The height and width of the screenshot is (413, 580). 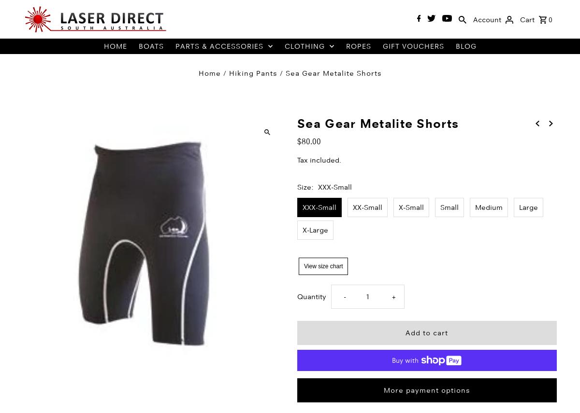 What do you see at coordinates (345, 296) in the screenshot?
I see `'-'` at bounding box center [345, 296].